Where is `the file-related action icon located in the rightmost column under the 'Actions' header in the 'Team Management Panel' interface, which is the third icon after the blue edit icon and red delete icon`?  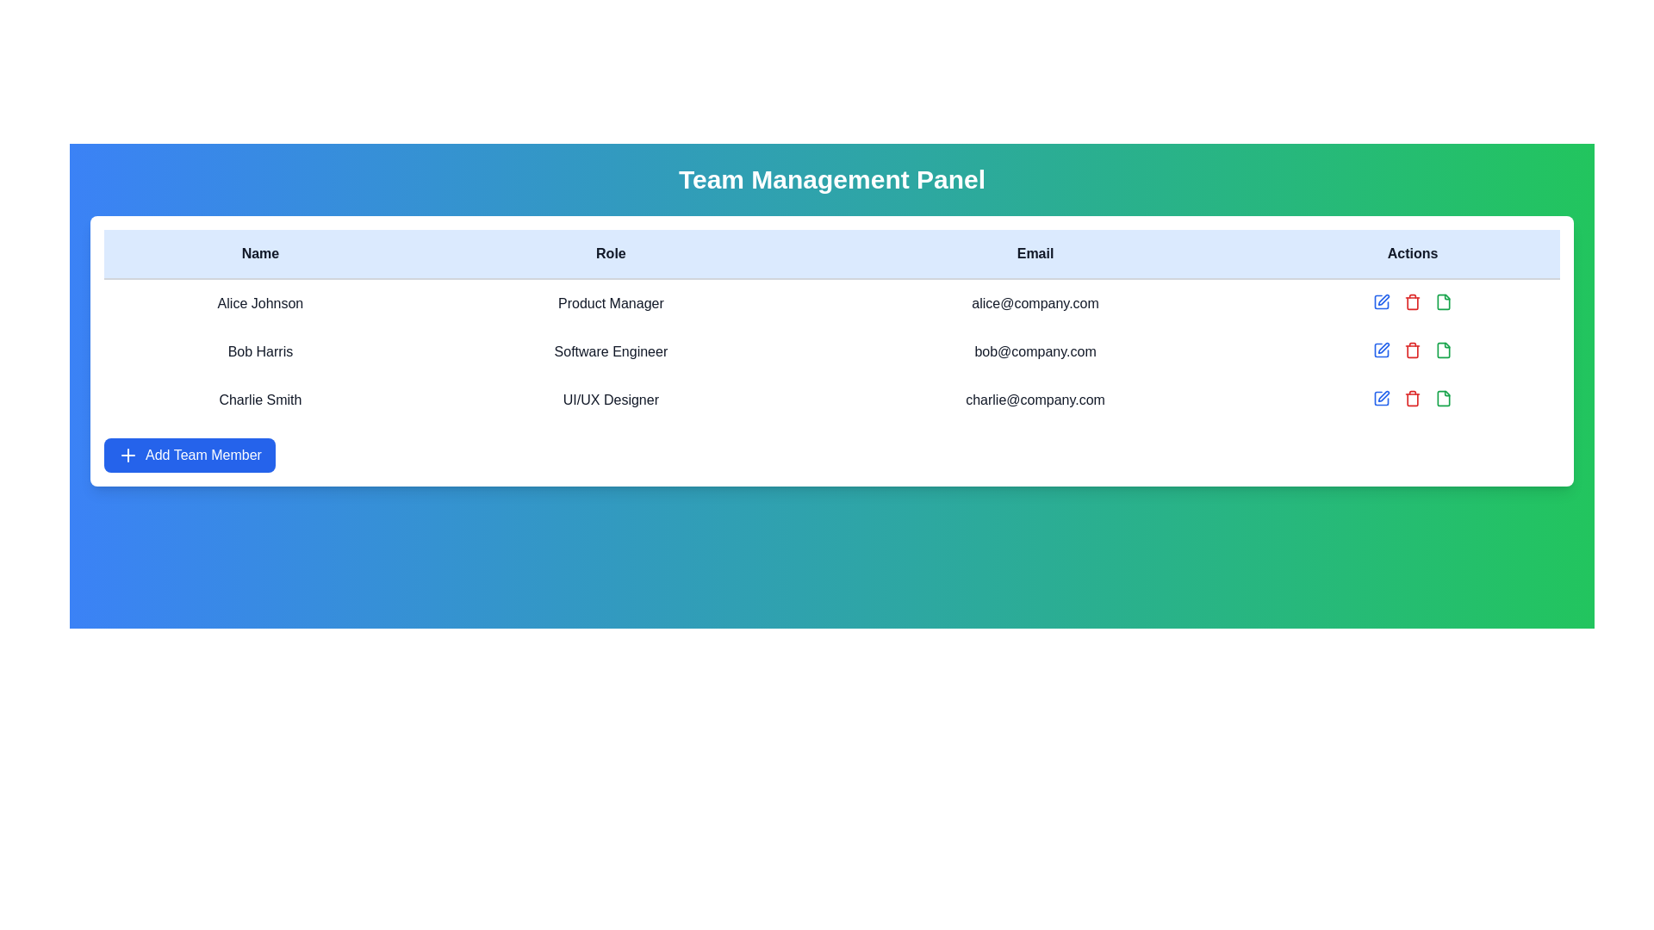 the file-related action icon located in the rightmost column under the 'Actions' header in the 'Team Management Panel' interface, which is the third icon after the blue edit icon and red delete icon is located at coordinates (1443, 350).